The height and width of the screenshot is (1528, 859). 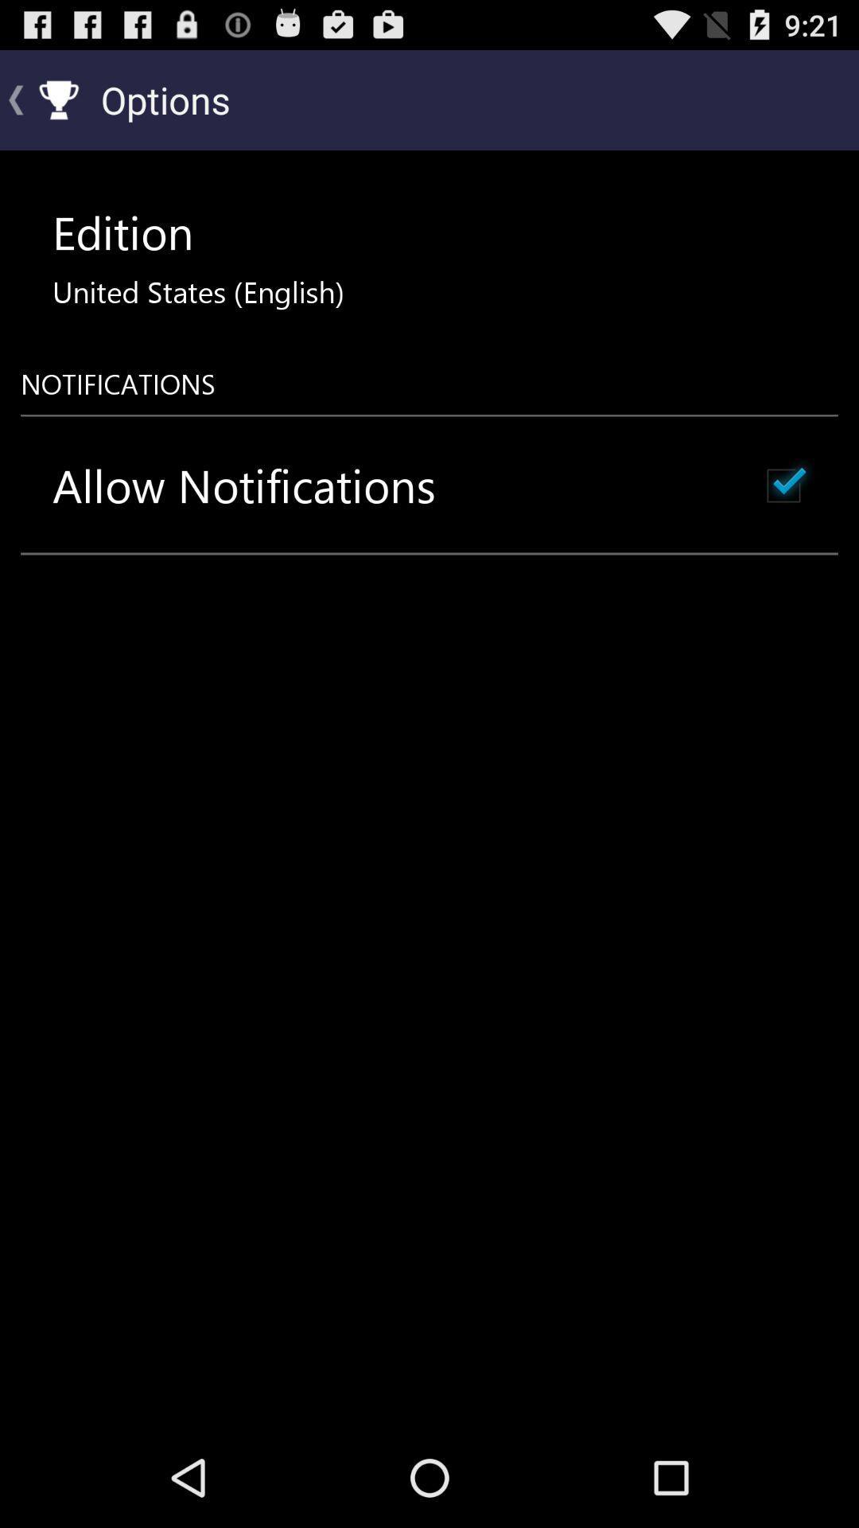 What do you see at coordinates (197, 292) in the screenshot?
I see `the icon below the edition` at bounding box center [197, 292].